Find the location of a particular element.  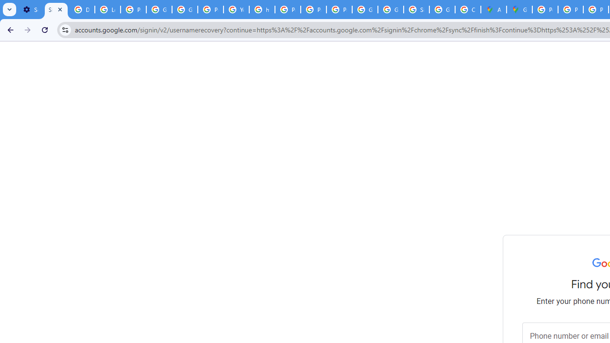

'Google Maps' is located at coordinates (518, 10).